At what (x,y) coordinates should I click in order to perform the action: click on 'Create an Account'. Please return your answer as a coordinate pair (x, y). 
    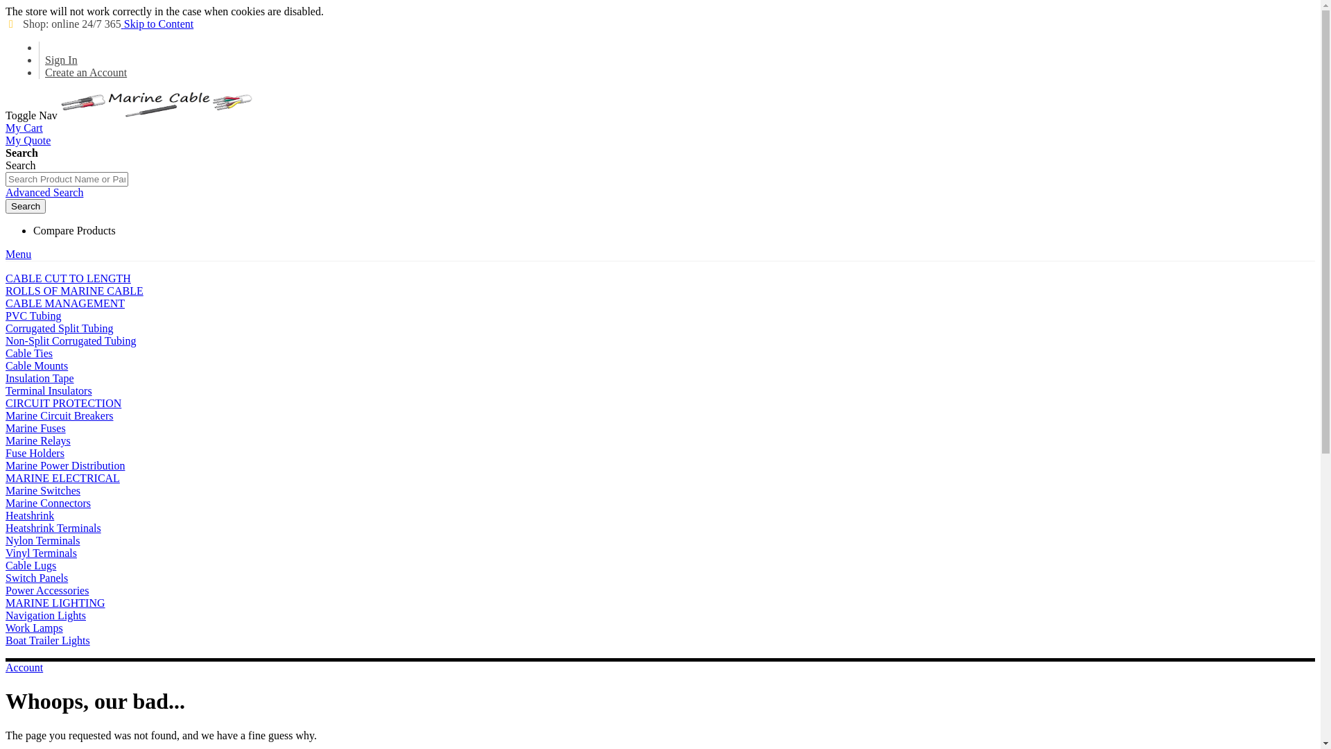
    Looking at the image, I should click on (85, 72).